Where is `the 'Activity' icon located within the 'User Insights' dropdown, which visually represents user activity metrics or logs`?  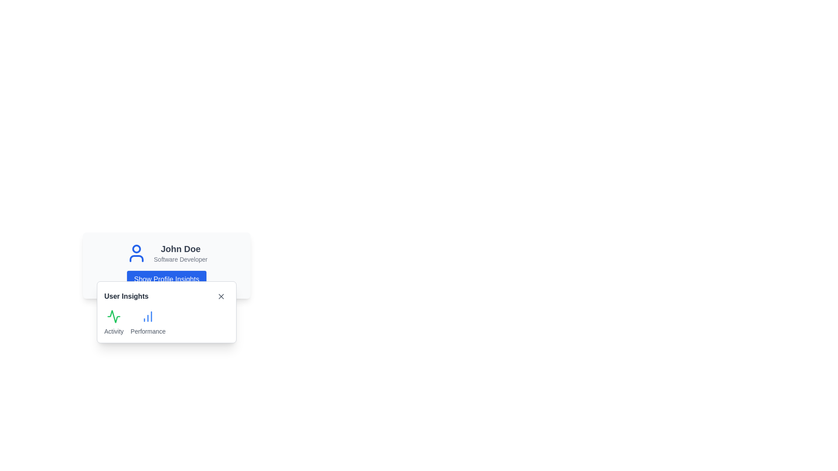
the 'Activity' icon located within the 'User Insights' dropdown, which visually represents user activity metrics or logs is located at coordinates (113, 316).